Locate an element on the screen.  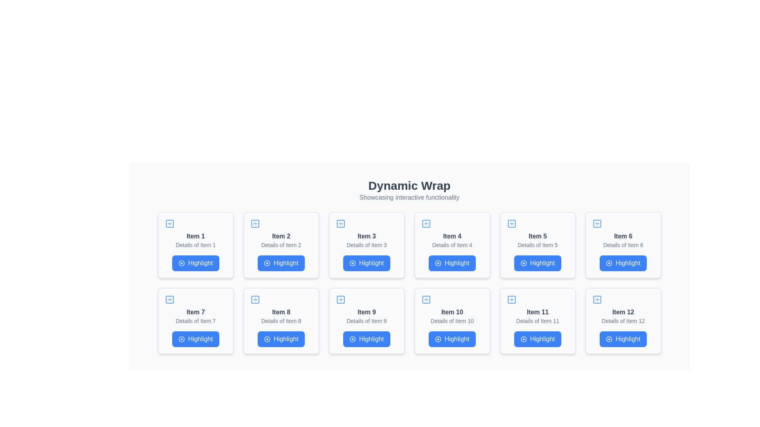
circular plus icon located inside the 'Highlight' button under the card labeled 'Item 12' in the second row of the grid layout is located at coordinates (609, 338).